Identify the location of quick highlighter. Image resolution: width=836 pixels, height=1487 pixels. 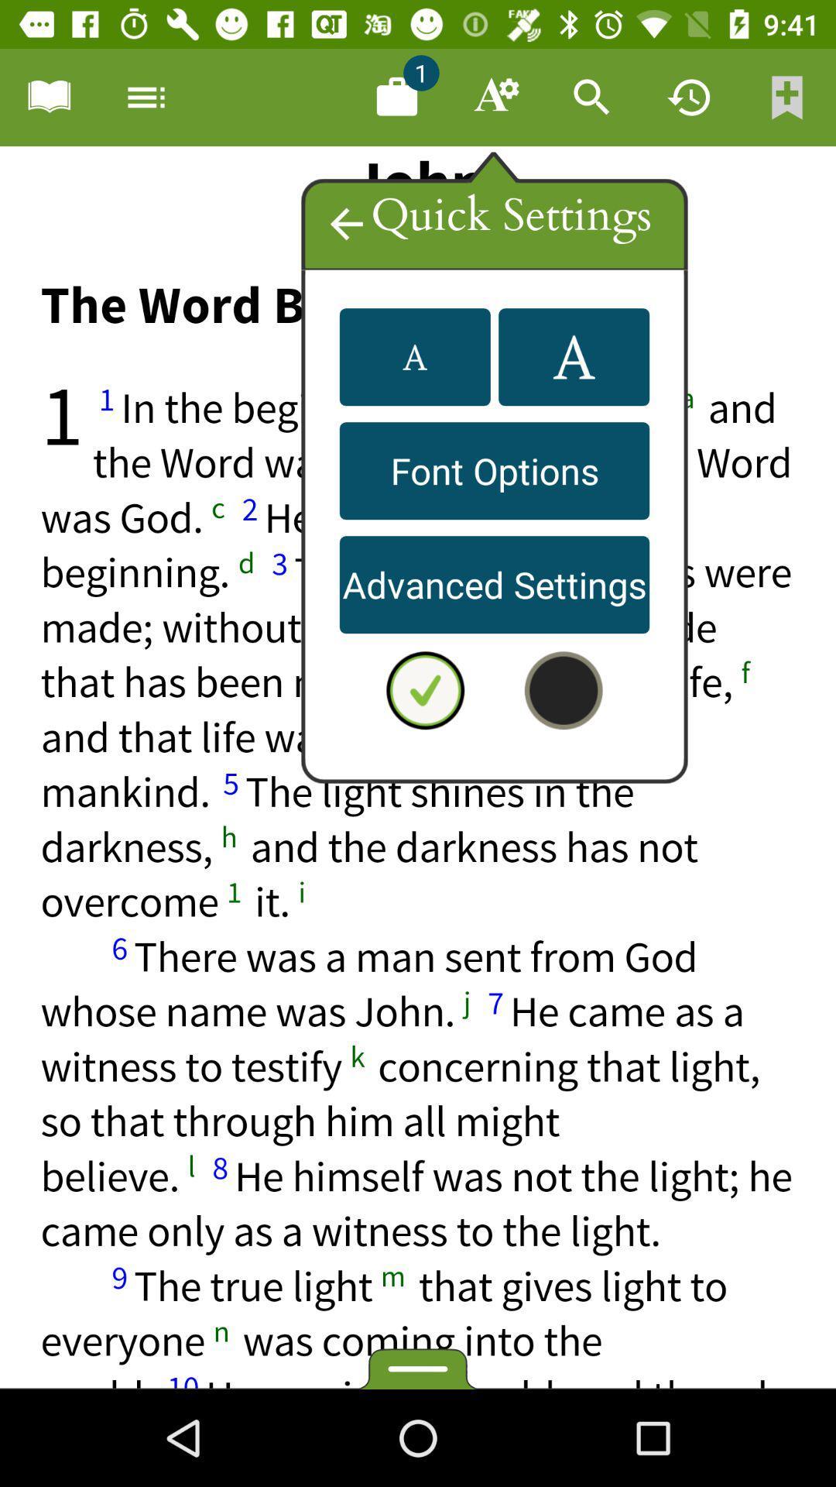
(418, 768).